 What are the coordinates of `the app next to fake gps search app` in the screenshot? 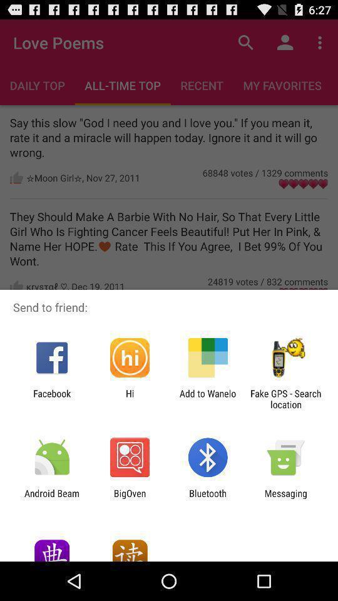 It's located at (208, 398).